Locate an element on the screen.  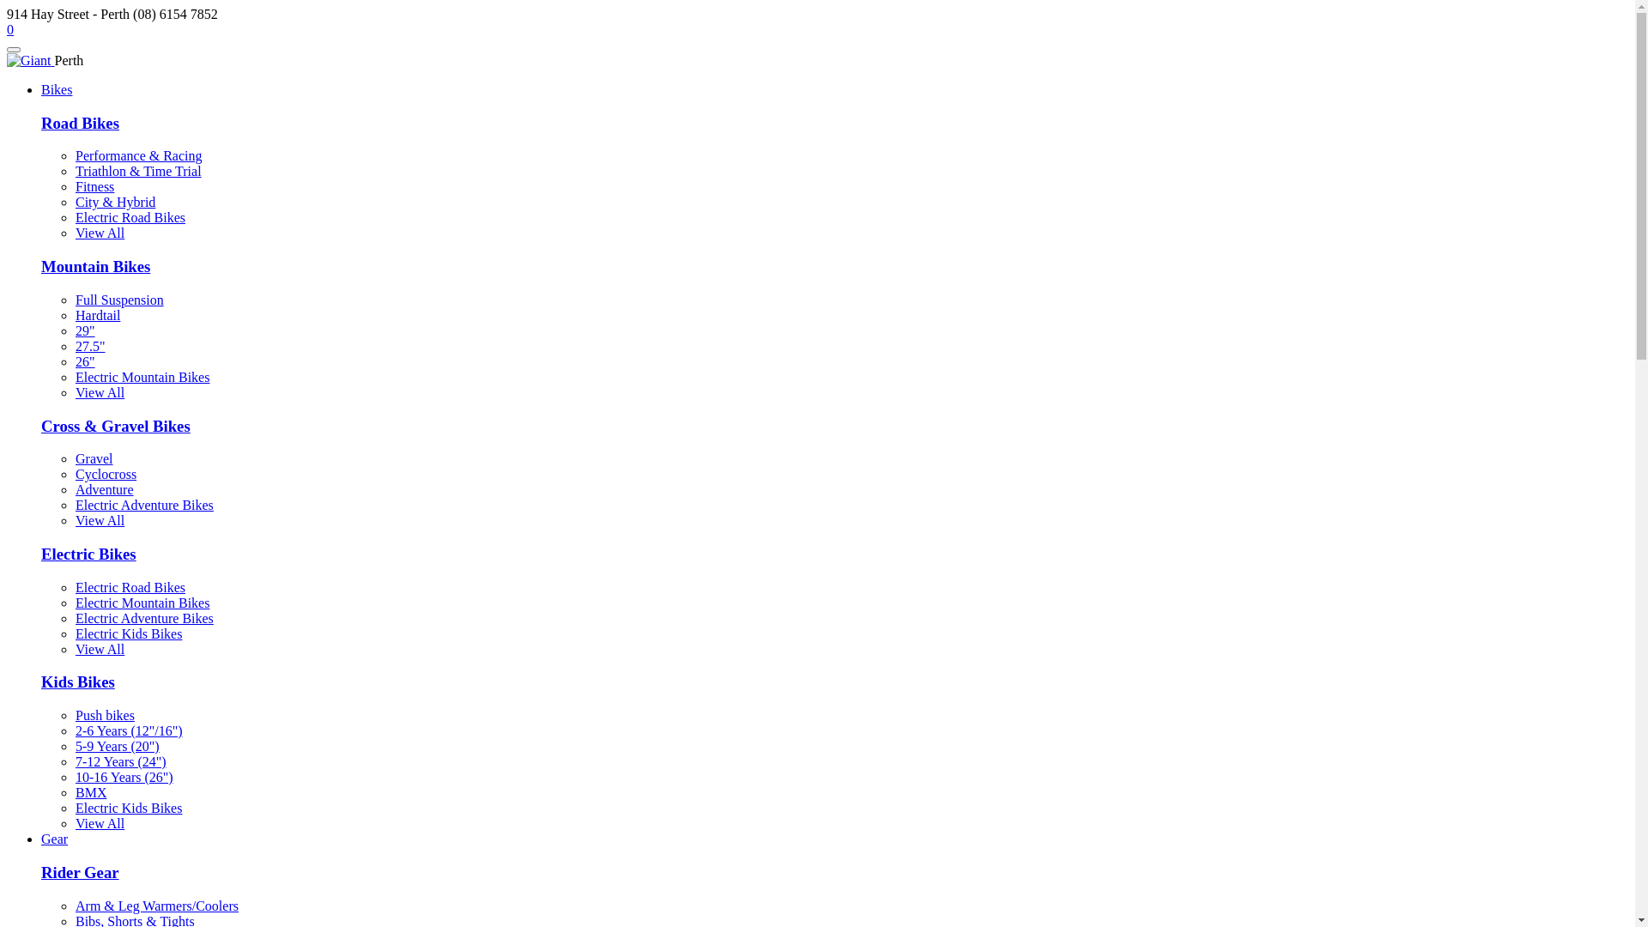
'Electric Kids Bikes' is located at coordinates (127, 808).